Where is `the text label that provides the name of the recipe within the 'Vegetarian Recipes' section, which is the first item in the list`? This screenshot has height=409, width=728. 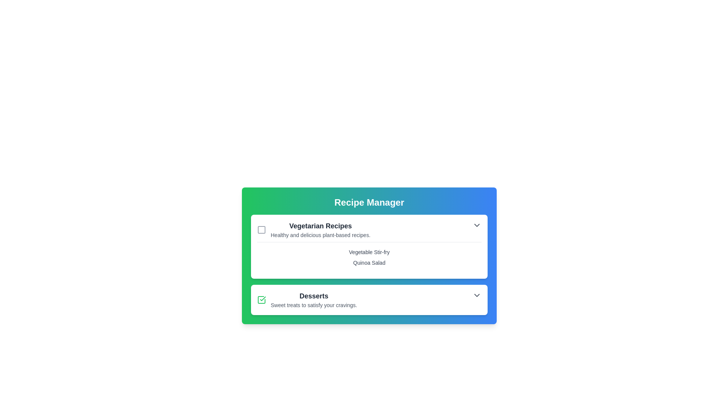 the text label that provides the name of the recipe within the 'Vegetarian Recipes' section, which is the first item in the list is located at coordinates (369, 252).